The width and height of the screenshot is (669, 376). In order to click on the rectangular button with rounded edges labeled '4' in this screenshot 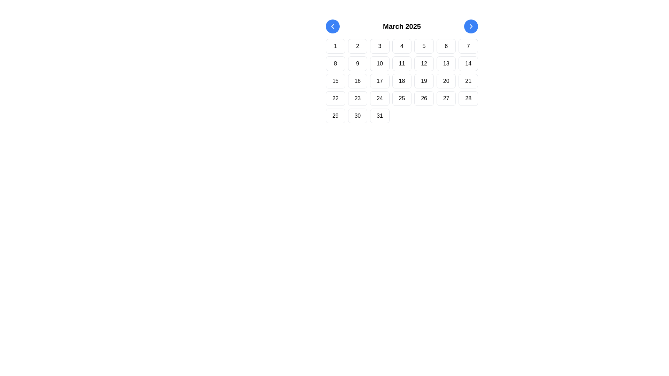, I will do `click(402, 46)`.